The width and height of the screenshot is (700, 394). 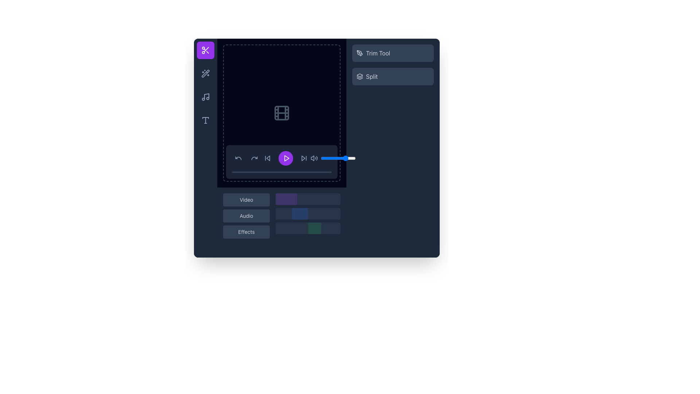 I want to click on the 'Video' button, which is the topmost rectangular button with a dark slate blue background and white text, so click(x=246, y=200).